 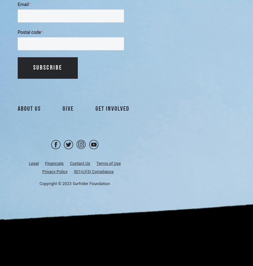 What do you see at coordinates (23, 4) in the screenshot?
I see `'Email'` at bounding box center [23, 4].